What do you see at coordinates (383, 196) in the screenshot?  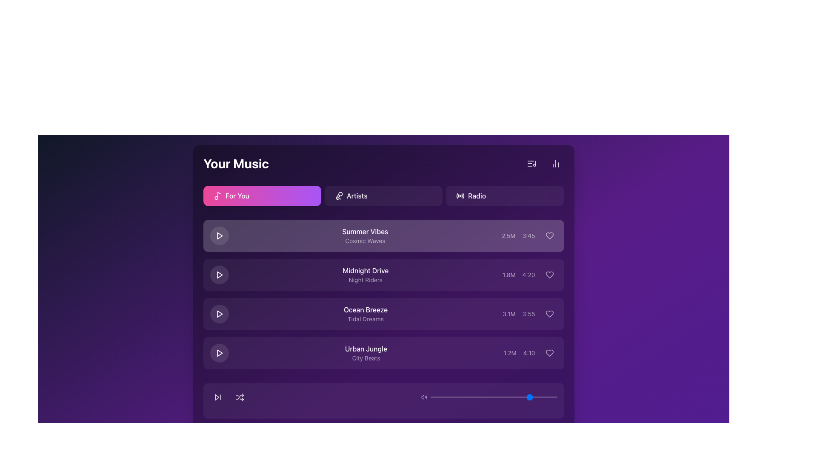 I see `the horizontally elongated button labeled 'Artists'` at bounding box center [383, 196].